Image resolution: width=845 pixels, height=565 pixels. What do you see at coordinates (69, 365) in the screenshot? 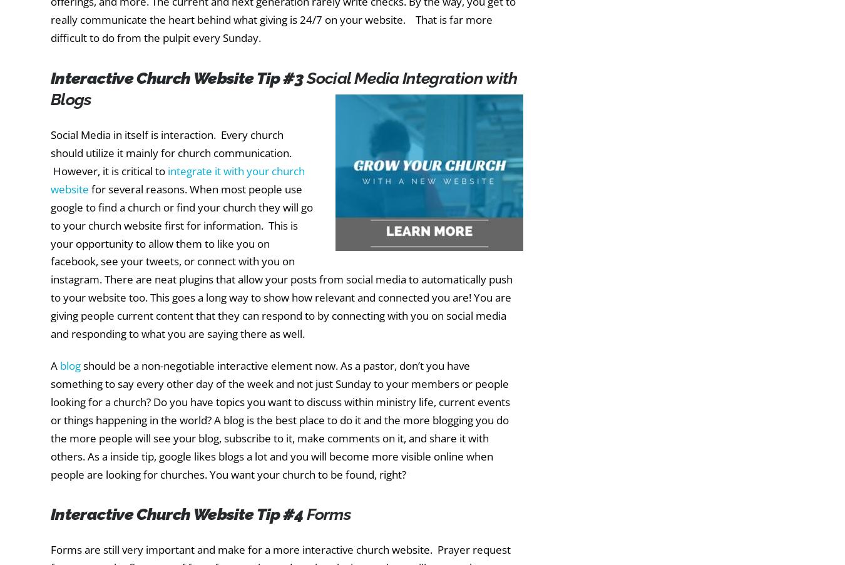
I see `'blog'` at bounding box center [69, 365].